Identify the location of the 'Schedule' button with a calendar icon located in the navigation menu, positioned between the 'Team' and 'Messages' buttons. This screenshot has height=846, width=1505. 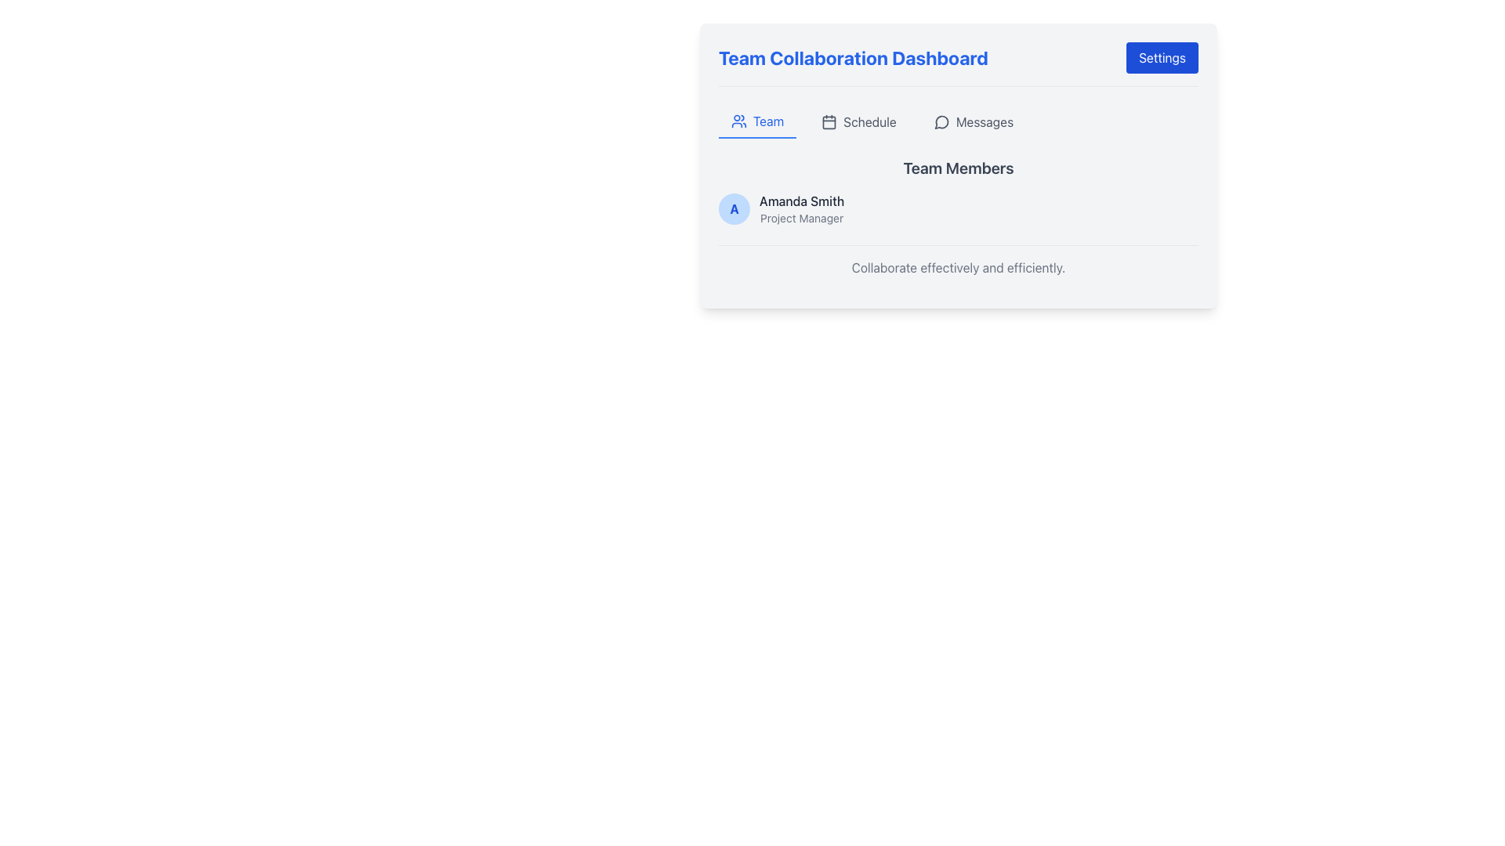
(858, 121).